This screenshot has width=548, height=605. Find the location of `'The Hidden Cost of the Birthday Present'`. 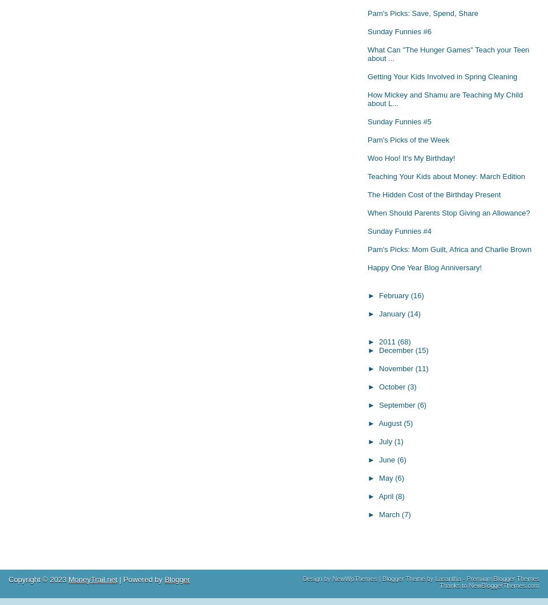

'The Hidden Cost of the Birthday Present' is located at coordinates (433, 193).